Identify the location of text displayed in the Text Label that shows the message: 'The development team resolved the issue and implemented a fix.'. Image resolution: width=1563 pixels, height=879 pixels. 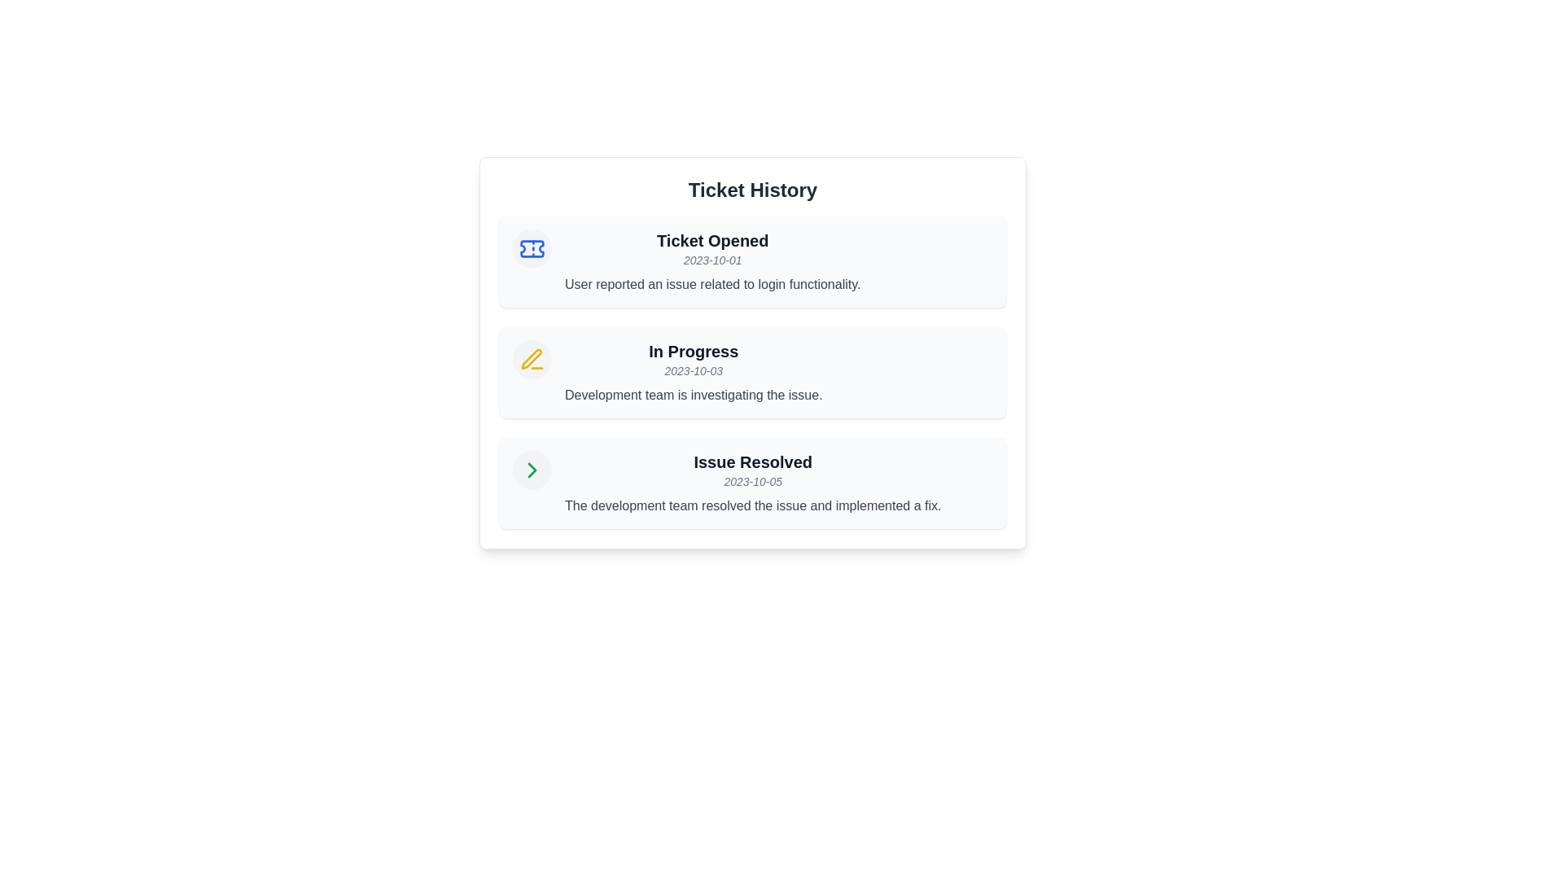
(752, 505).